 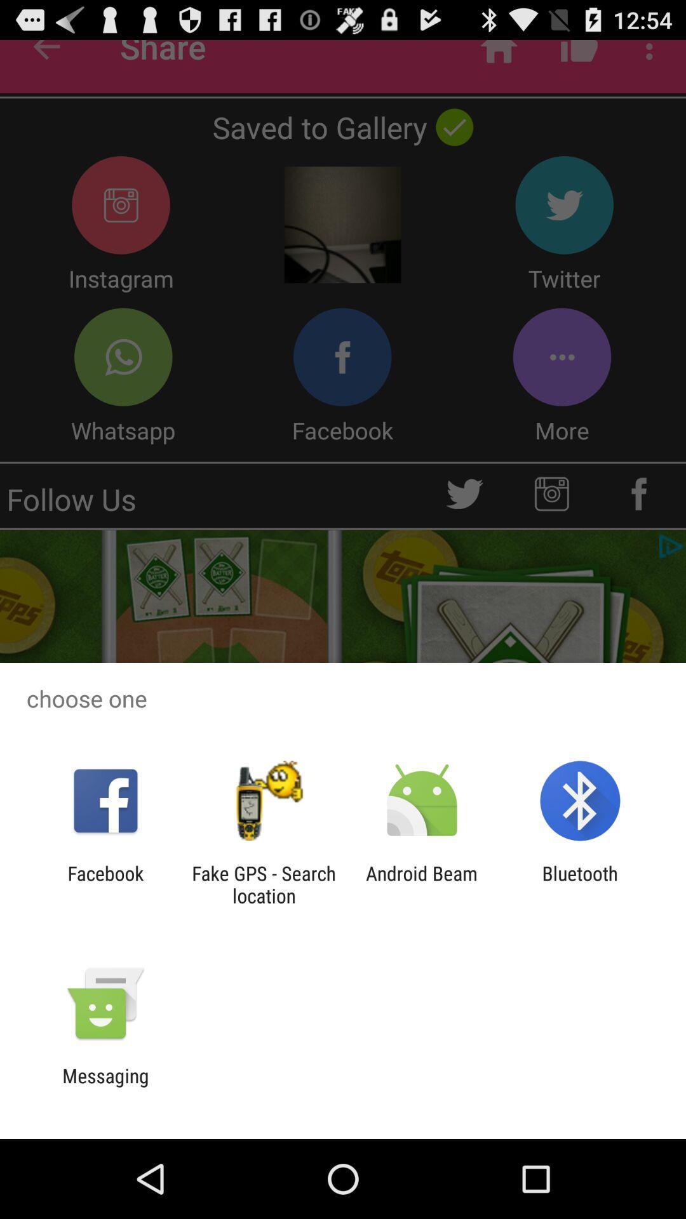 I want to click on android beam item, so click(x=422, y=884).